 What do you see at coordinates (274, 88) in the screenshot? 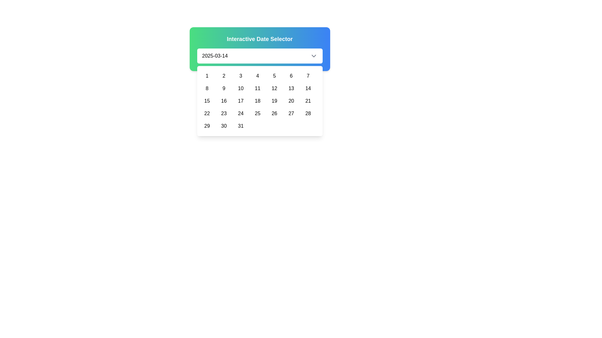
I see `the button that allows users to select the date '12' in a calendar-like interface, located in the second row and fifth column of the grid` at bounding box center [274, 88].